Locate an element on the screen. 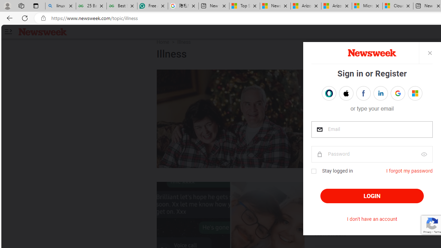 The image size is (441, 248). 'Newsweek logo' is located at coordinates (42, 31).